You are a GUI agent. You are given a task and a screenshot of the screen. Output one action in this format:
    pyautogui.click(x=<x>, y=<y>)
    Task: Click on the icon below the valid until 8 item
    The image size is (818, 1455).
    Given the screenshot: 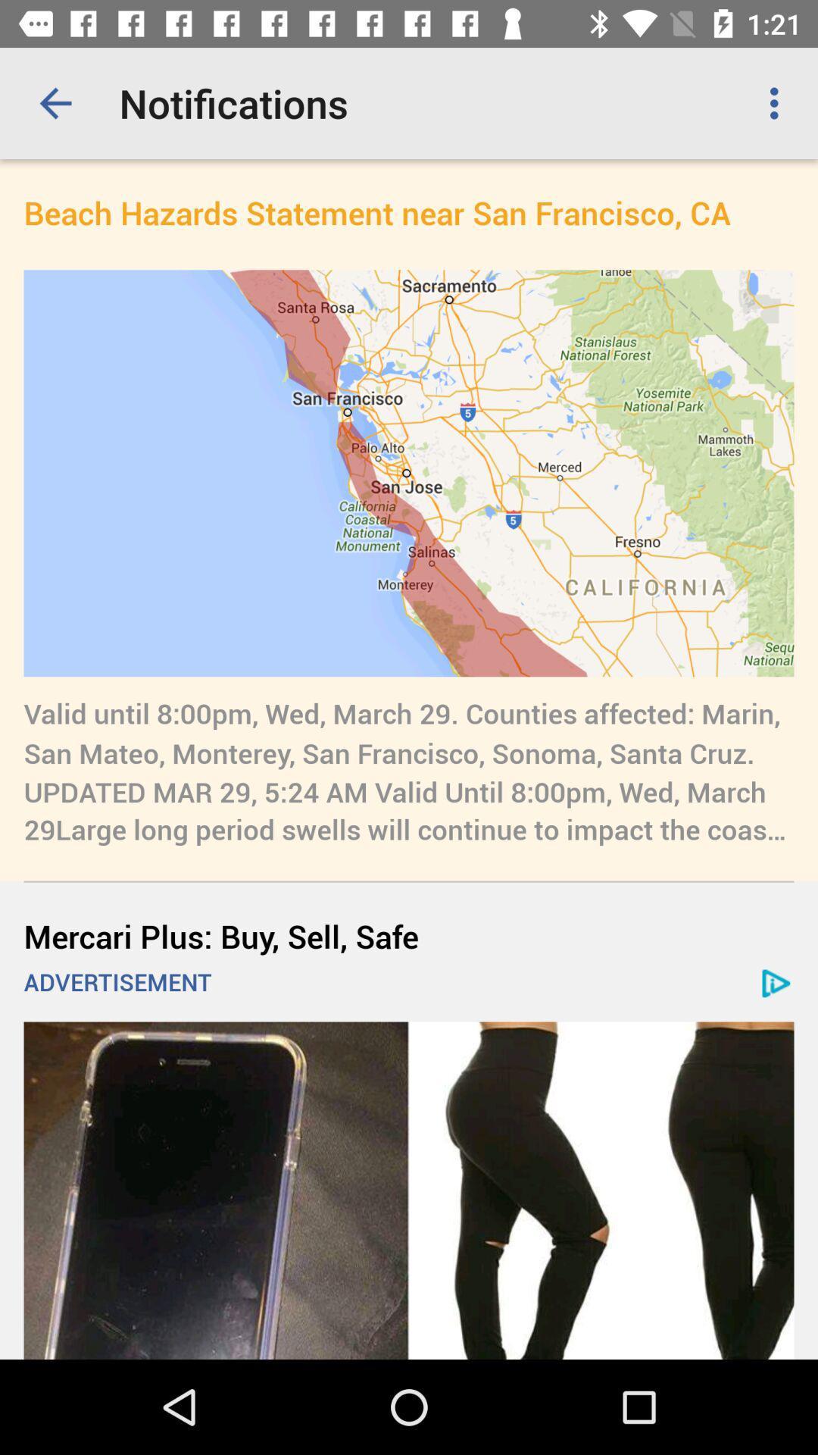 What is the action you would take?
    pyautogui.click(x=409, y=935)
    